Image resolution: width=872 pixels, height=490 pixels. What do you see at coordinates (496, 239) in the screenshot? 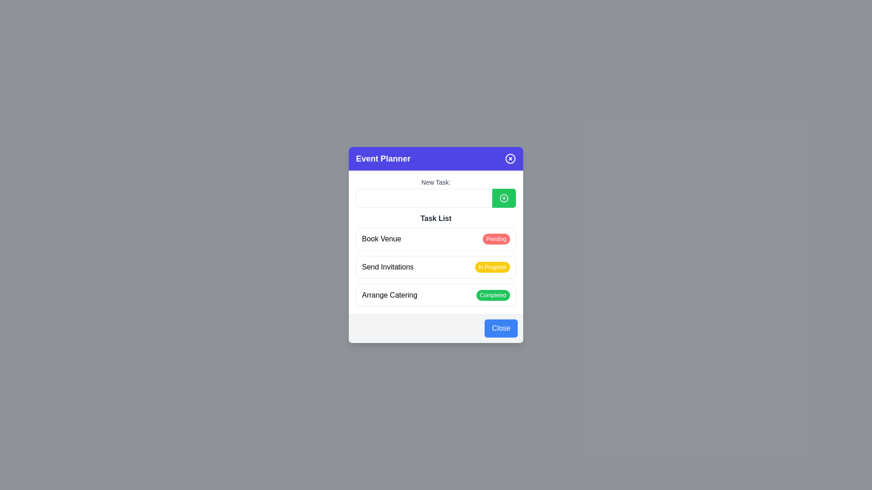
I see `the text of the Status Badge with a red background and white text displaying 'Pending', located on the right side of the 'Book Venue' list item` at bounding box center [496, 239].